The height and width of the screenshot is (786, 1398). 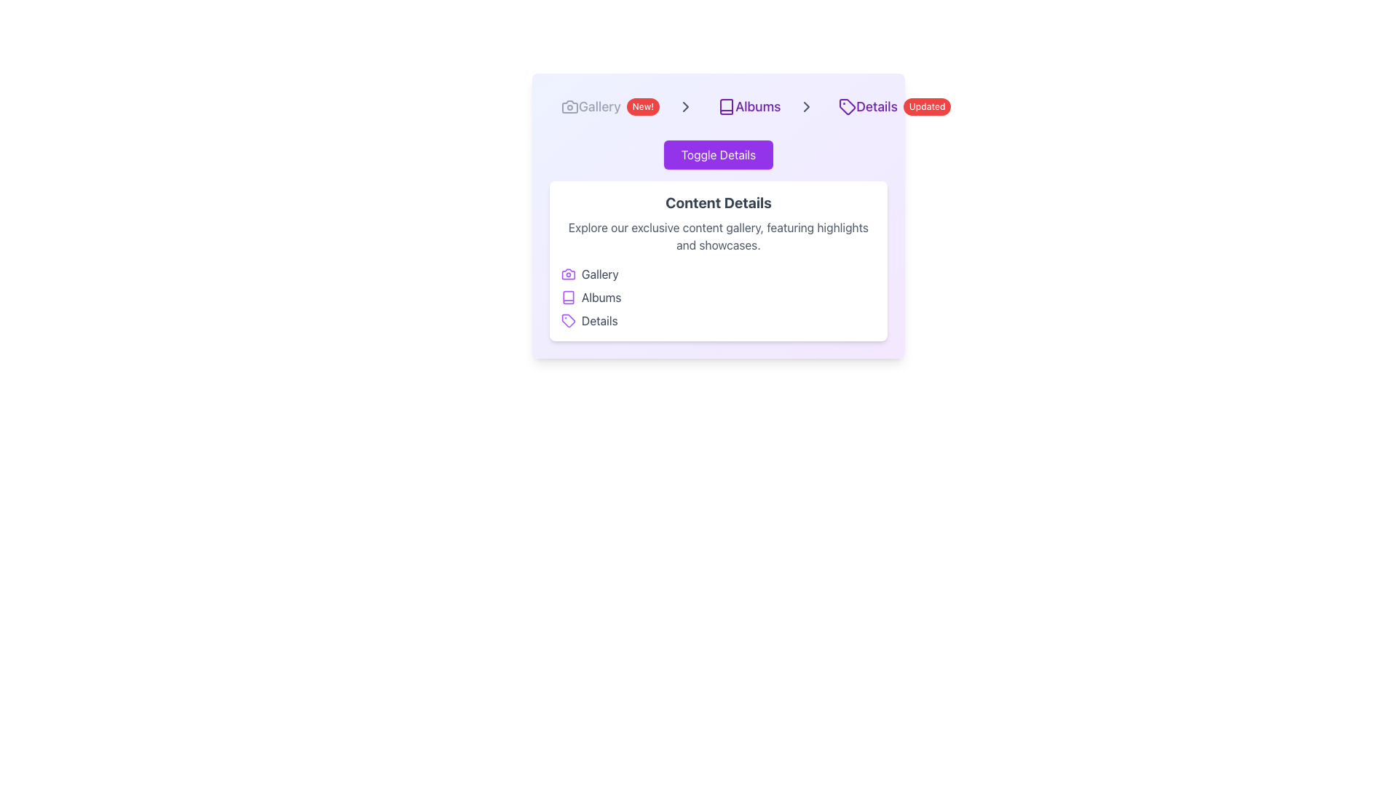 I want to click on the Gallery icon, which visually represents the Gallery item and is located at the top-left corner of the item entry before the text 'Gallery', so click(x=568, y=274).